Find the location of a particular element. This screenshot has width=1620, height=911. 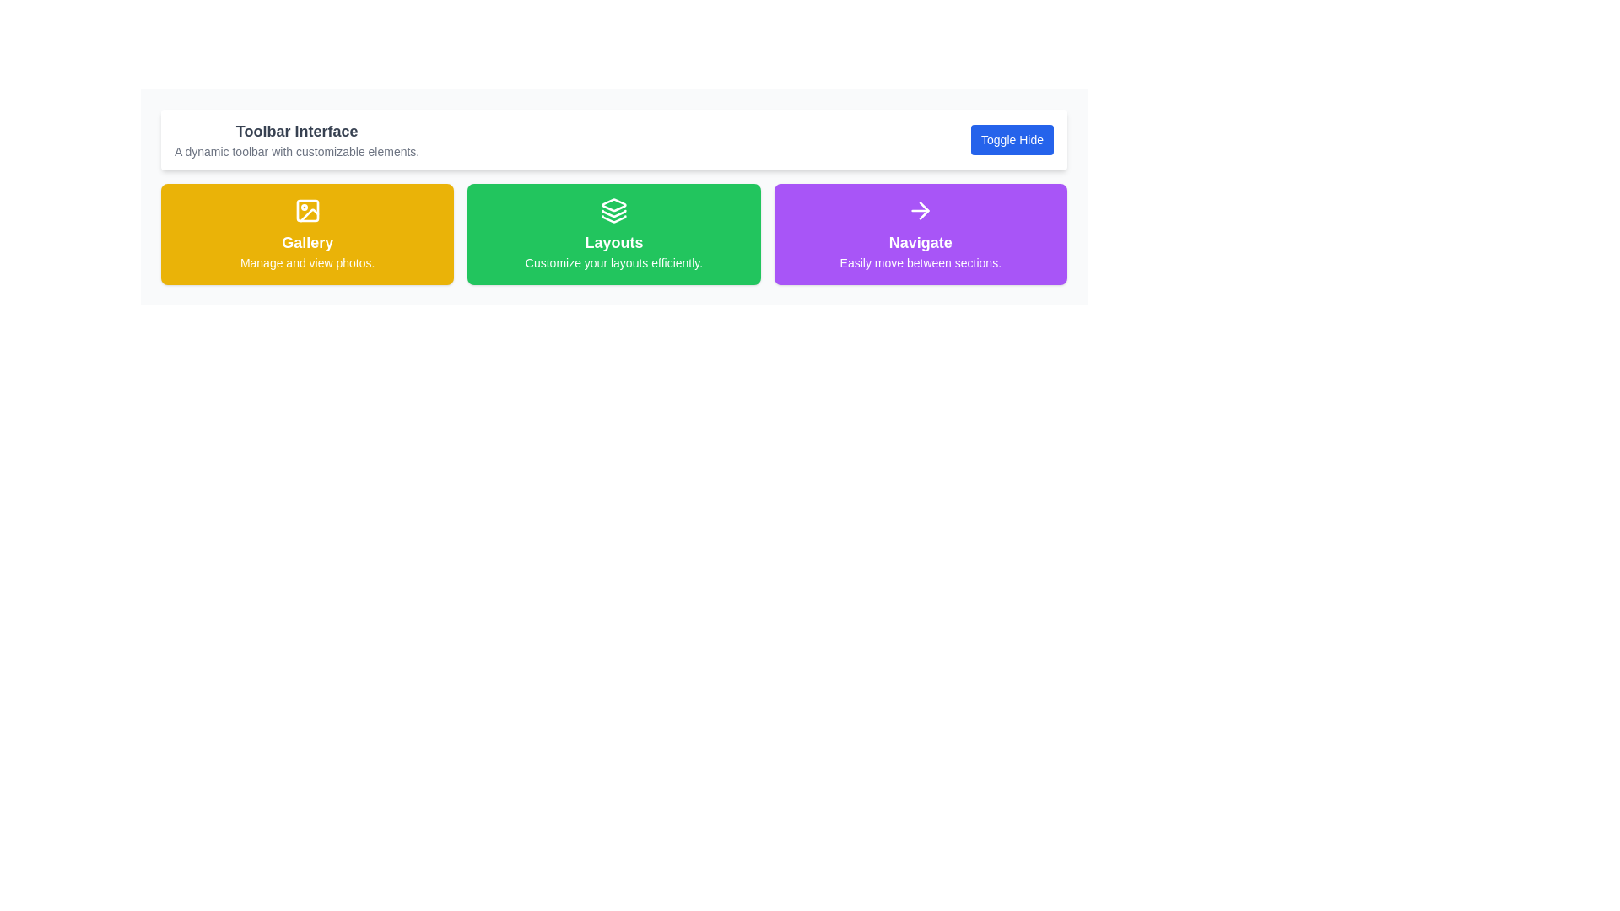

the text label heading 'Toolbar Interface', which is styled in bold dark gray and positioned above a description text, indicating its role as a heading is located at coordinates (297, 130).